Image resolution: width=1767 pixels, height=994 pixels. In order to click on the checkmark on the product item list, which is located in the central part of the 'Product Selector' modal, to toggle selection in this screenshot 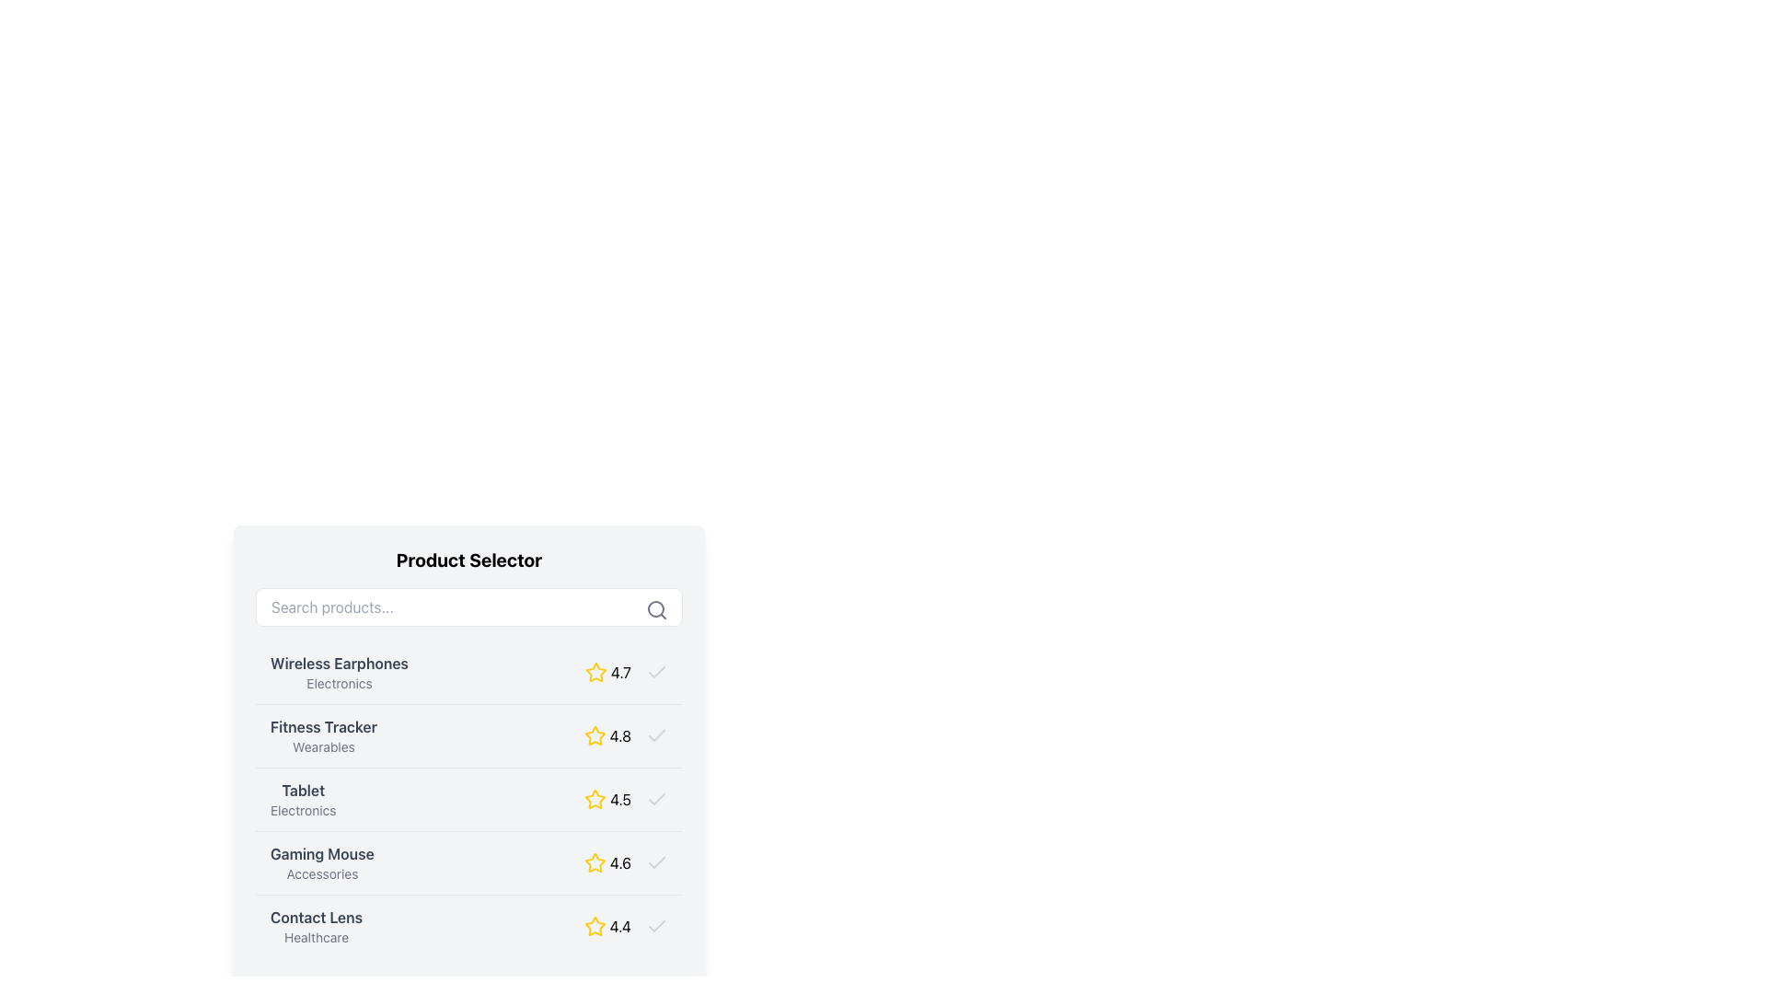, I will do `click(468, 798)`.